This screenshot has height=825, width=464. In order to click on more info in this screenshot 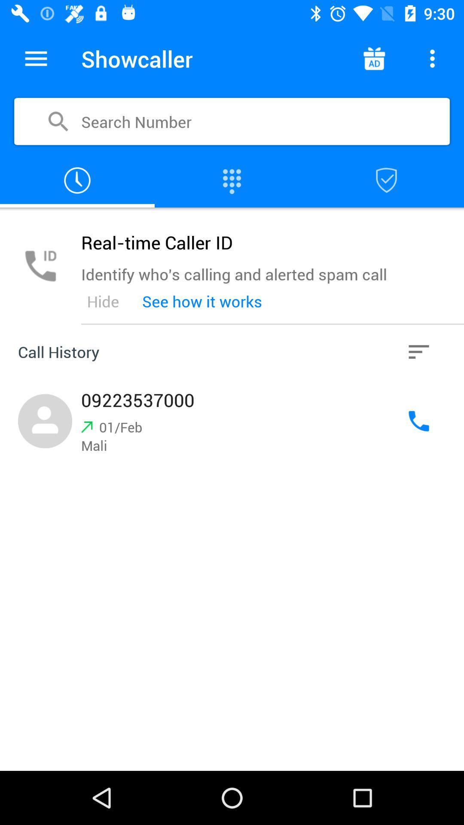, I will do `click(432, 58)`.